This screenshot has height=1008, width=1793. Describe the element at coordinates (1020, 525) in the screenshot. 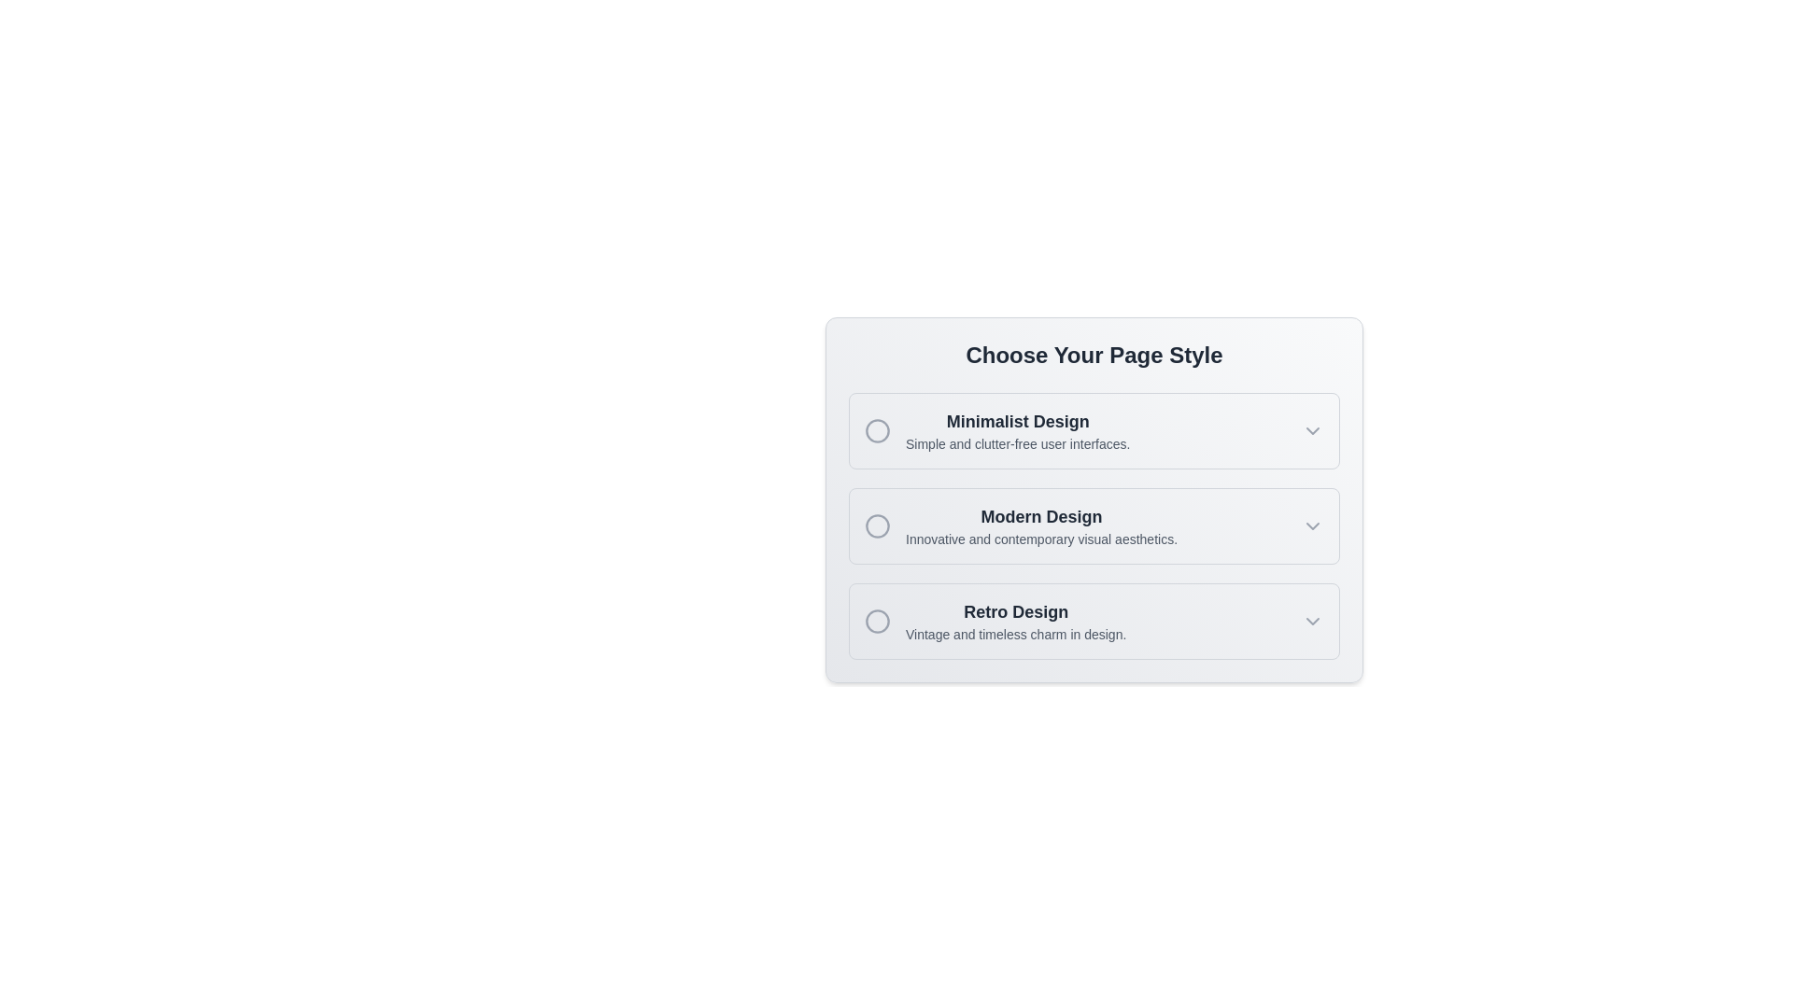

I see `text information from the 'Modern Design' selectable option in the vertical selection menu titled 'Choose Your Page Style'` at that location.